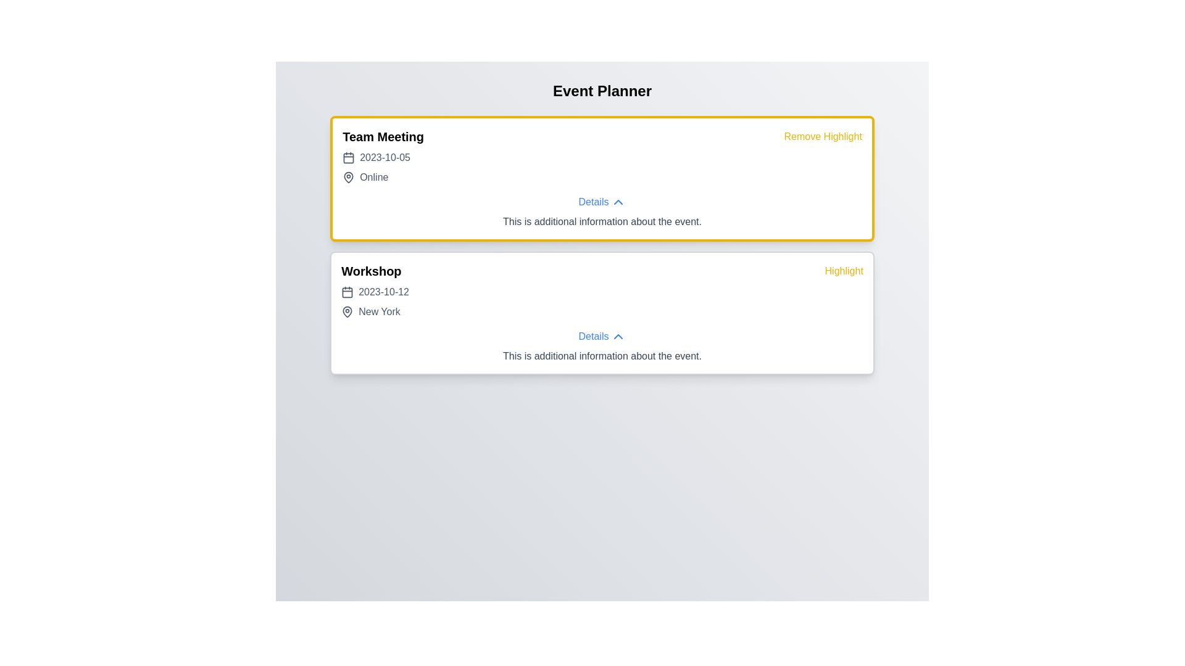 This screenshot has width=1185, height=666. Describe the element at coordinates (383, 137) in the screenshot. I see `the 'Team Meeting' text header which is displayed in bold black font and serves as the title of a section` at that location.